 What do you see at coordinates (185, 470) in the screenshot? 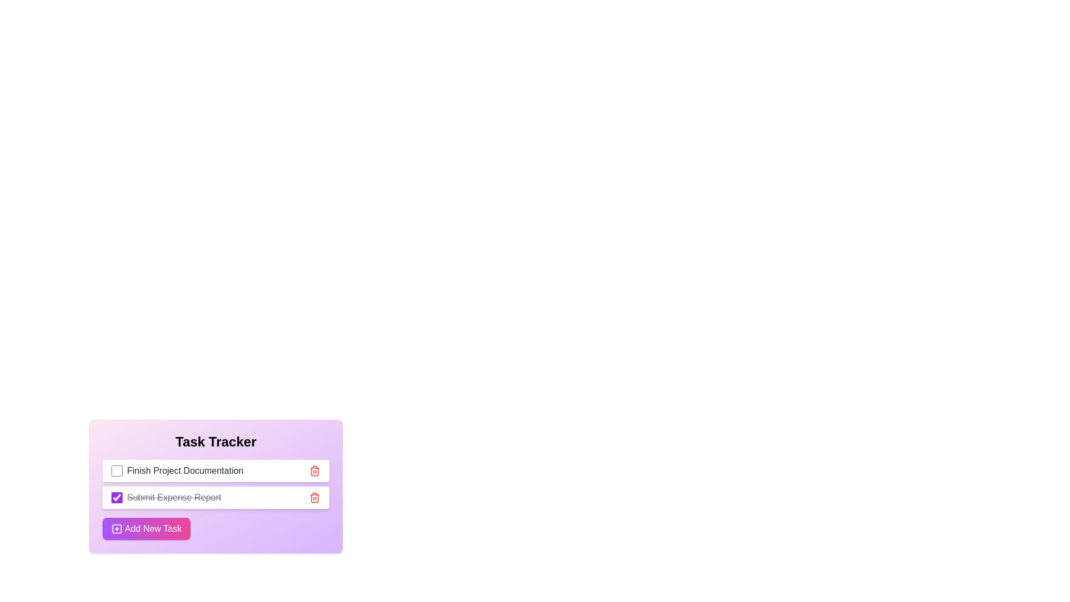
I see `the text label displaying 'Finish Project Documentation', which is styled in dark gray and prominently positioned in the task list interface` at bounding box center [185, 470].